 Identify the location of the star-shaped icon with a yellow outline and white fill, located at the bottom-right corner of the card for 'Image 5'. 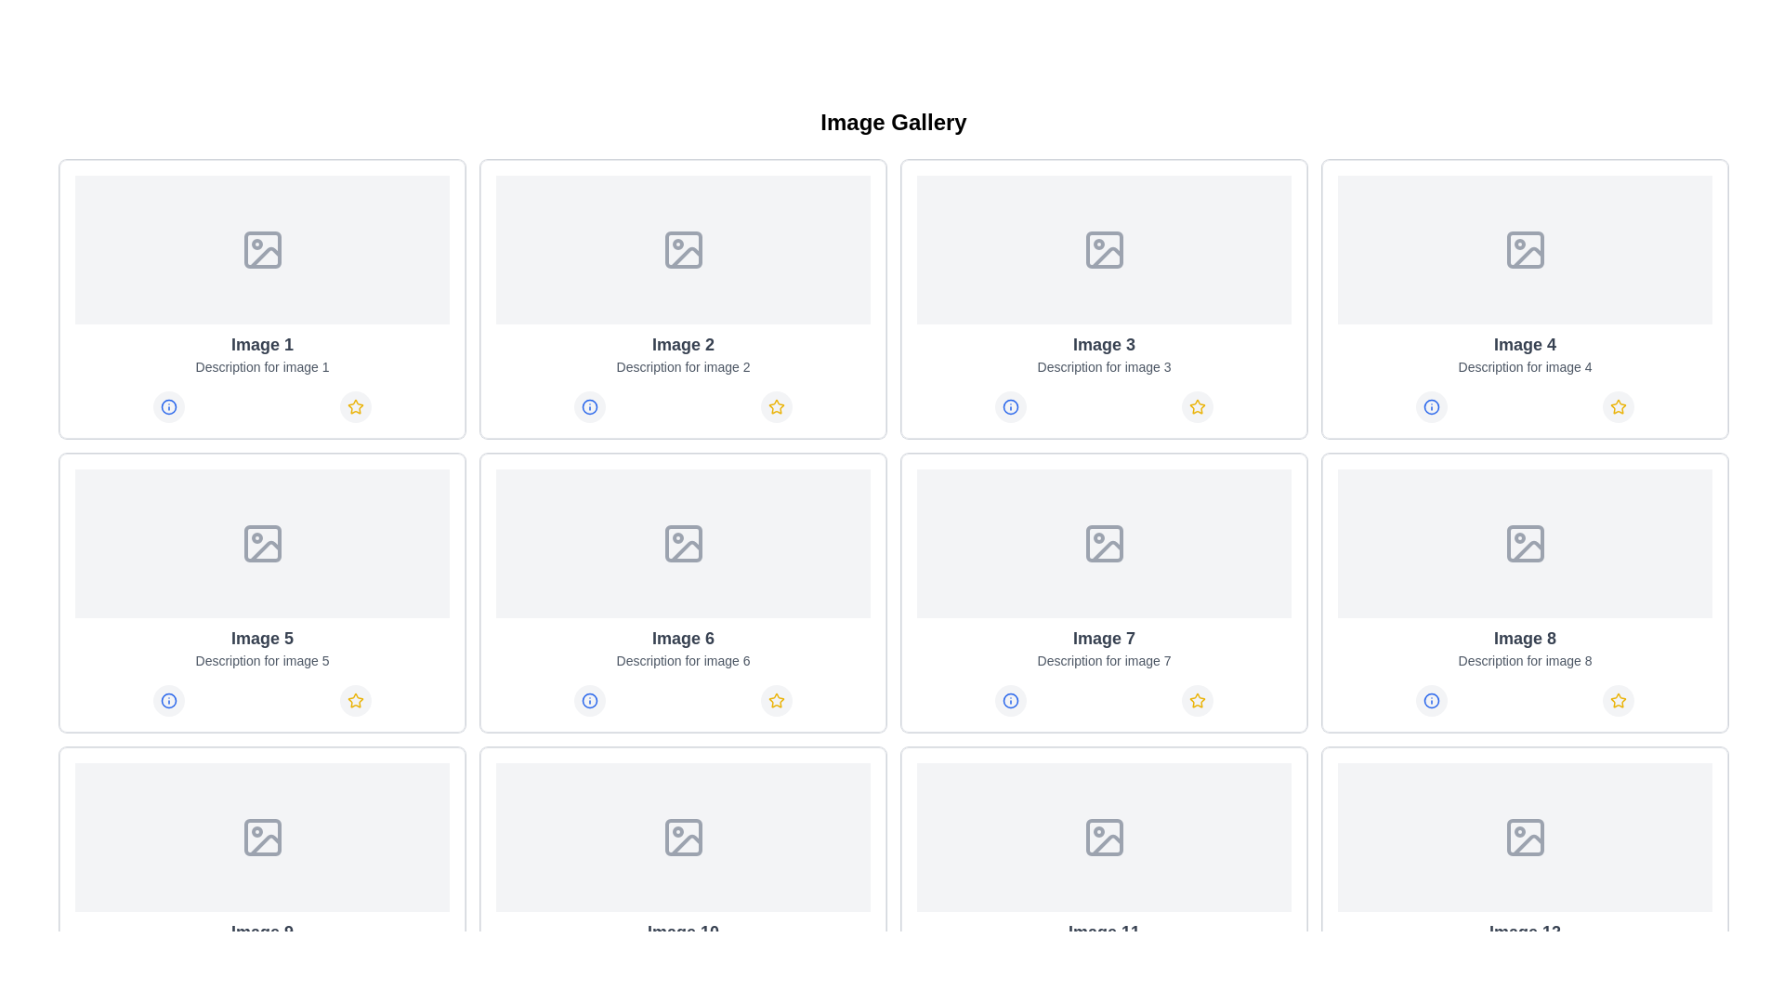
(356, 700).